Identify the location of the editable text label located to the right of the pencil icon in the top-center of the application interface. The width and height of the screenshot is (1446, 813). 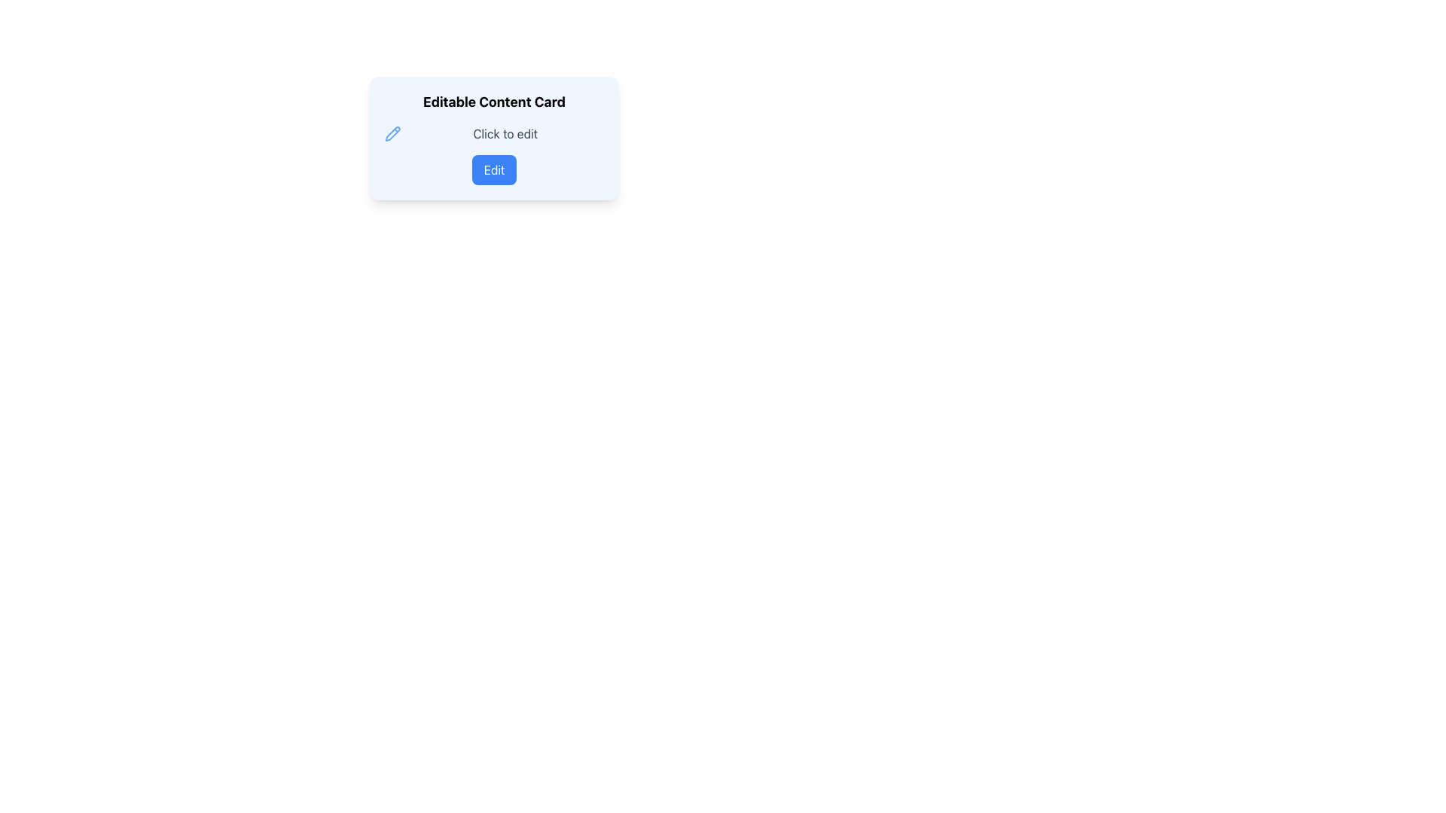
(505, 132).